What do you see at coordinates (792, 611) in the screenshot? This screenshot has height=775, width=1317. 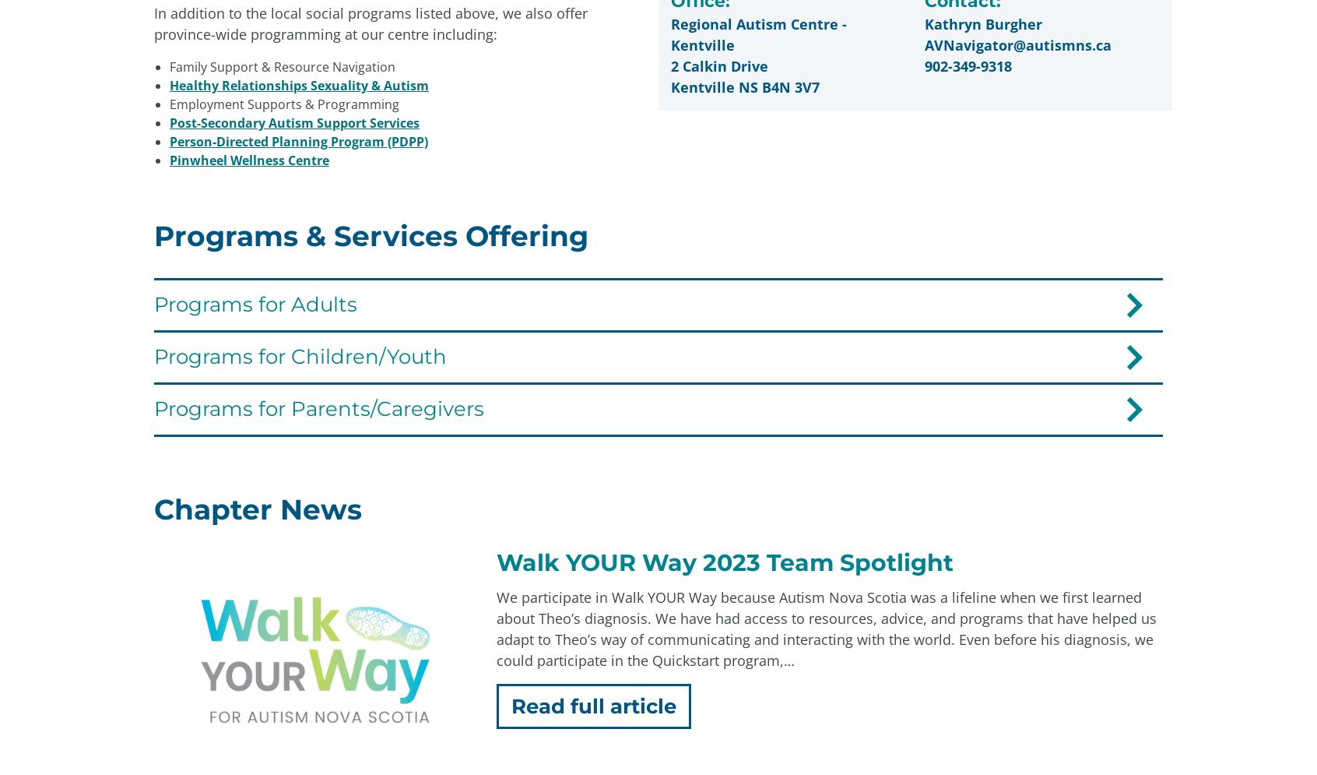 I see `'Events'` at bounding box center [792, 611].